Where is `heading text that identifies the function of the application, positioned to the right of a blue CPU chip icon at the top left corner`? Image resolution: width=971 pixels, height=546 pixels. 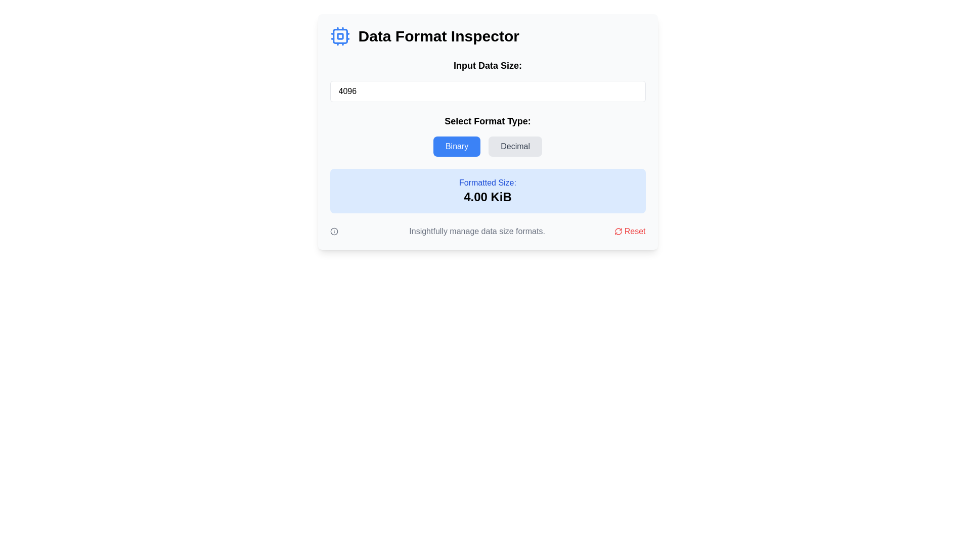 heading text that identifies the function of the application, positioned to the right of a blue CPU chip icon at the top left corner is located at coordinates (438, 36).